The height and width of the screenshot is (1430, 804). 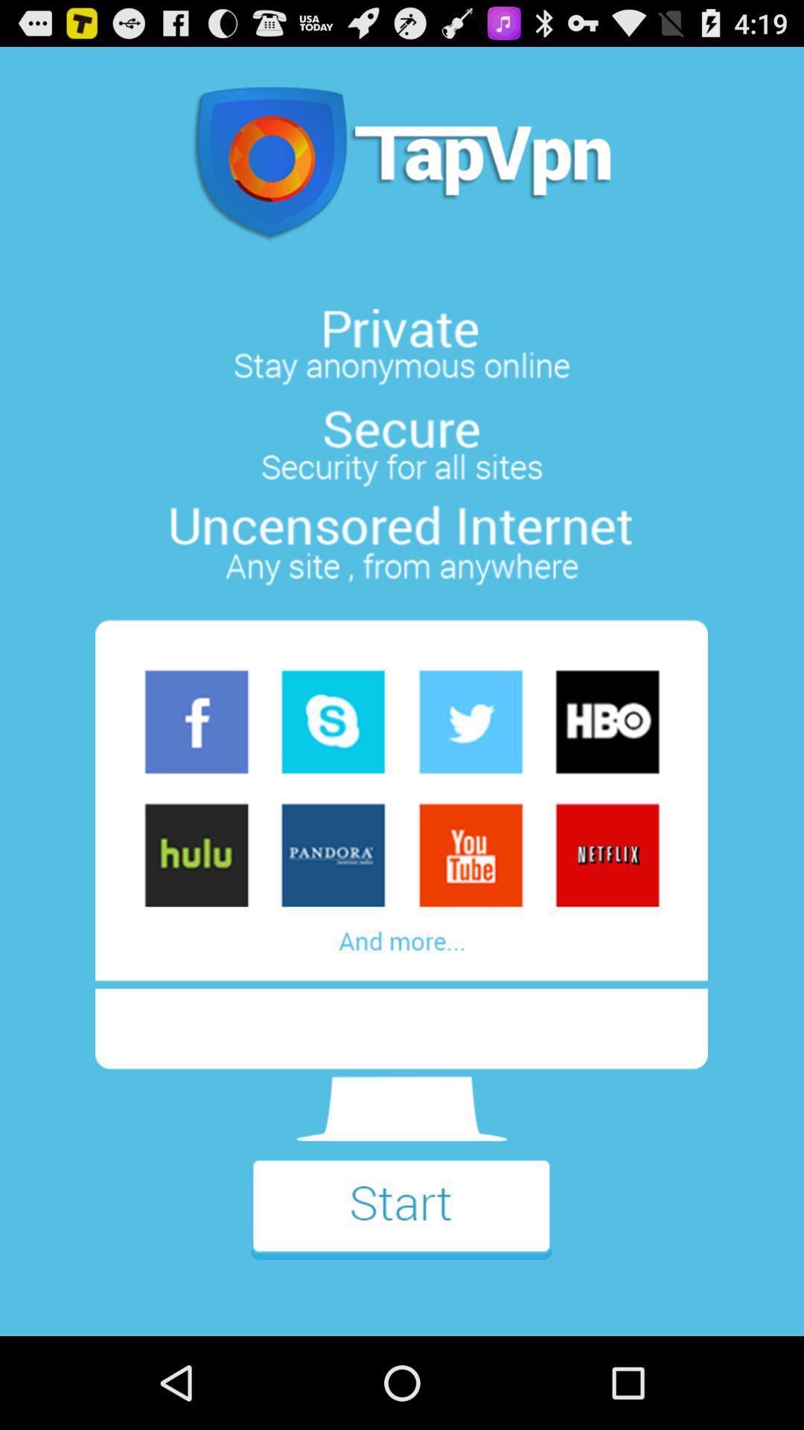 What do you see at coordinates (401, 1219) in the screenshot?
I see `start button` at bounding box center [401, 1219].